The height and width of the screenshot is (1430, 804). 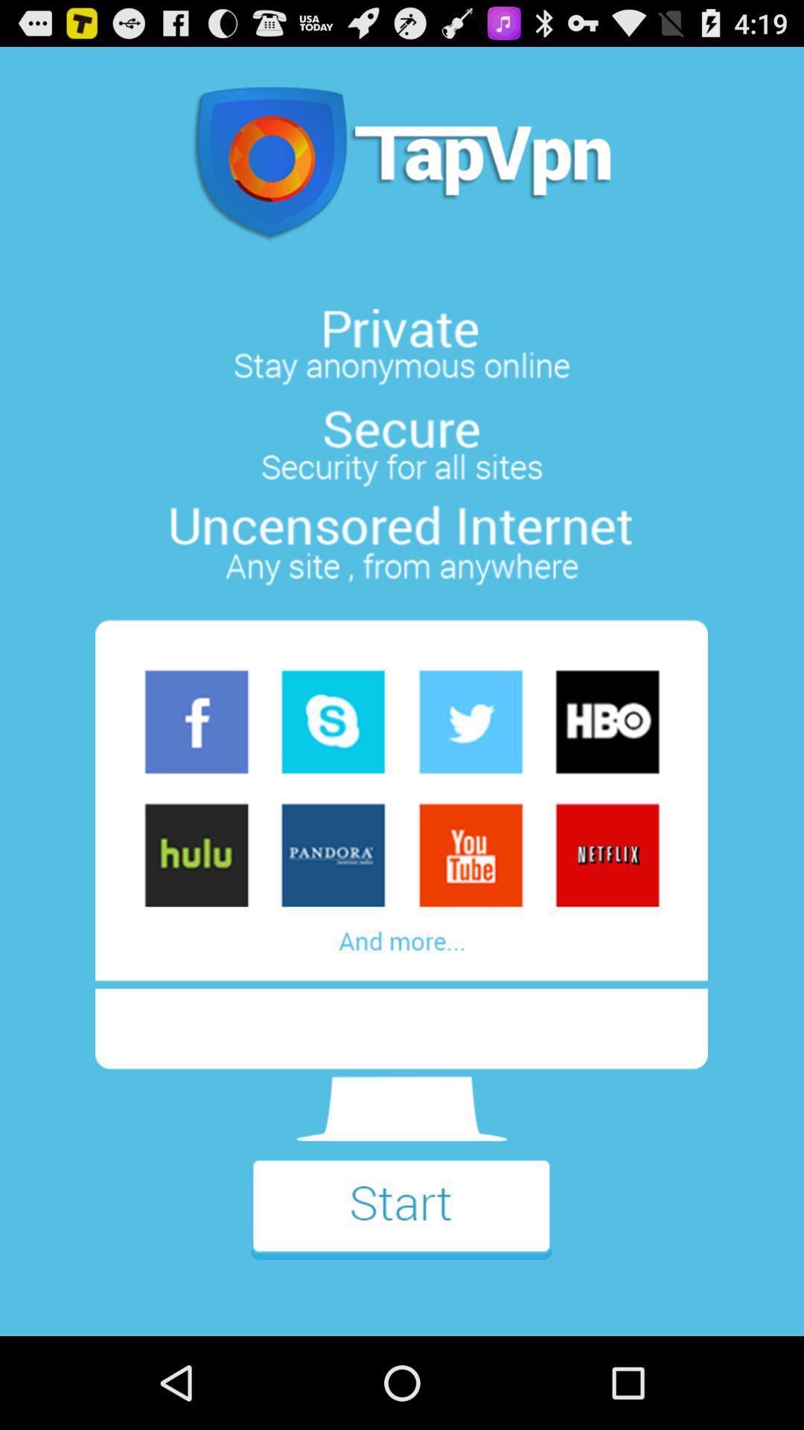 What do you see at coordinates (401, 1219) in the screenshot?
I see `start button` at bounding box center [401, 1219].